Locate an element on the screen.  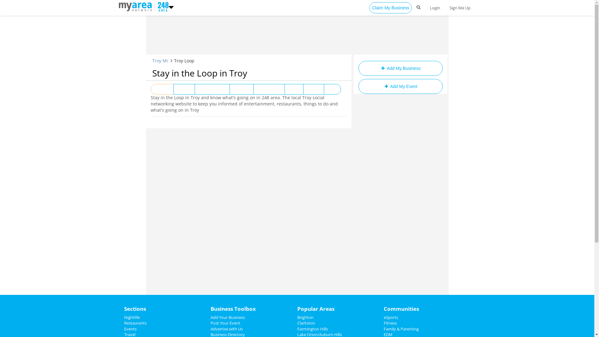
'Add My Event' is located at coordinates (400, 86).